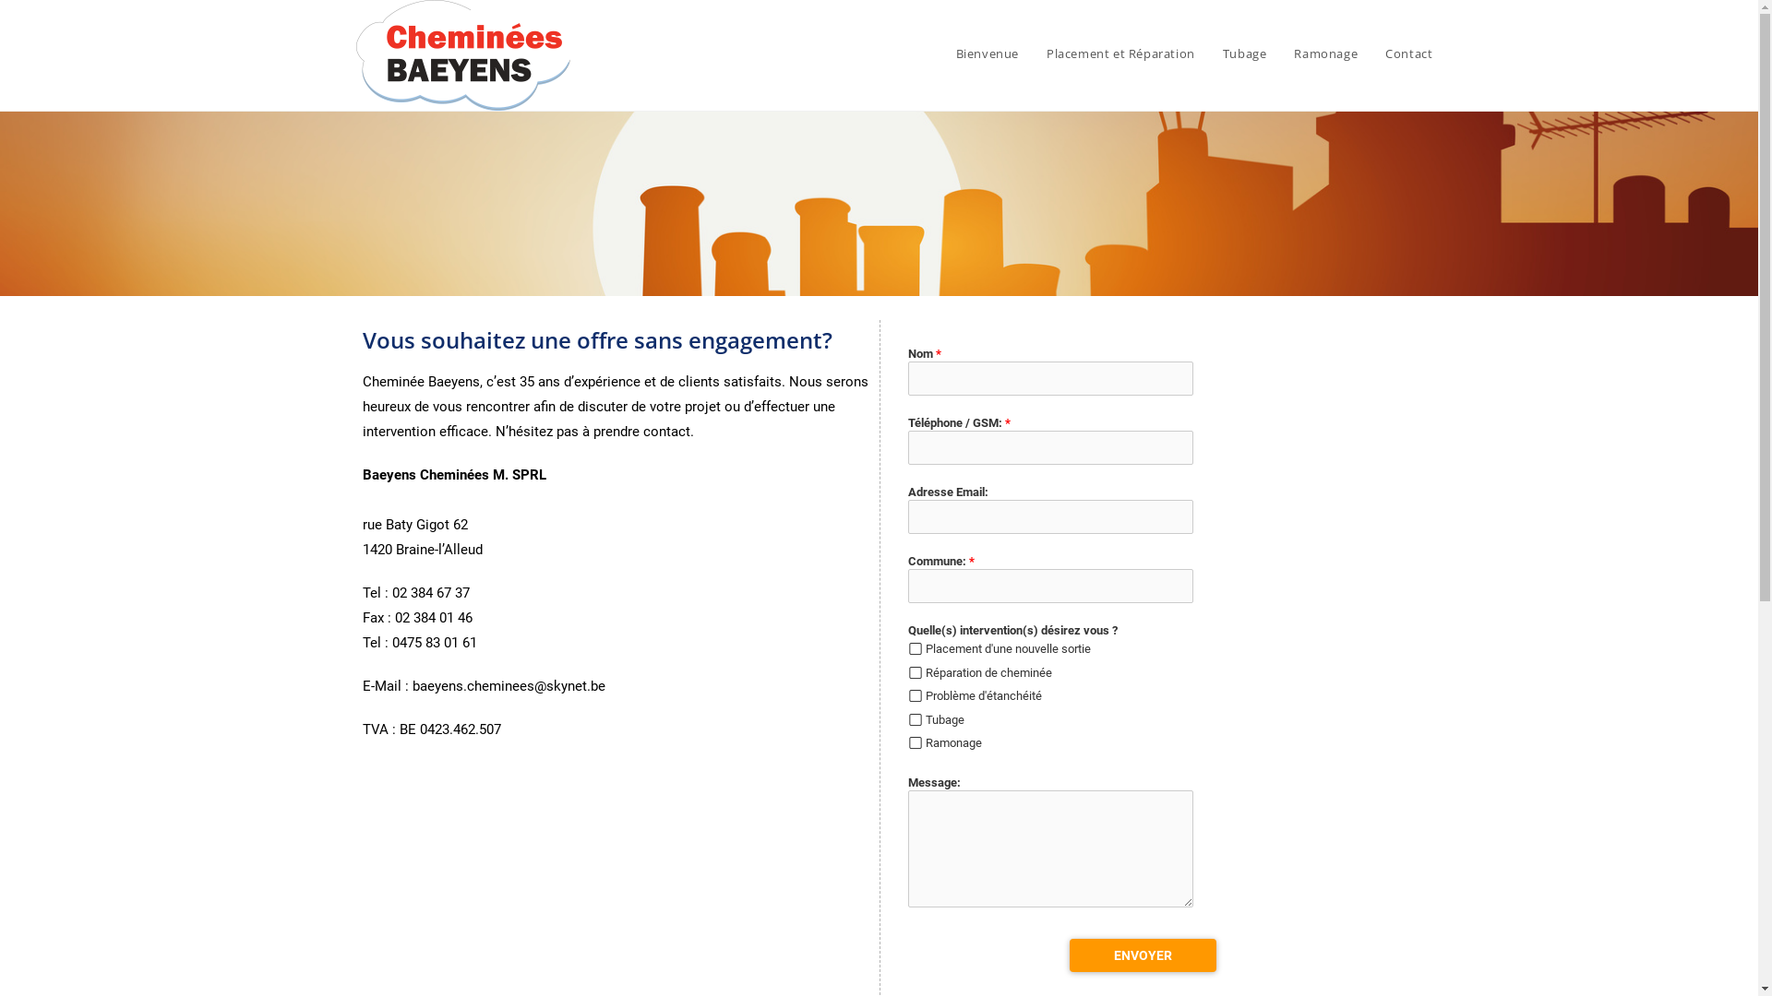 This screenshot has width=1772, height=996. Describe the element at coordinates (1407, 52) in the screenshot. I see `'Contact'` at that location.